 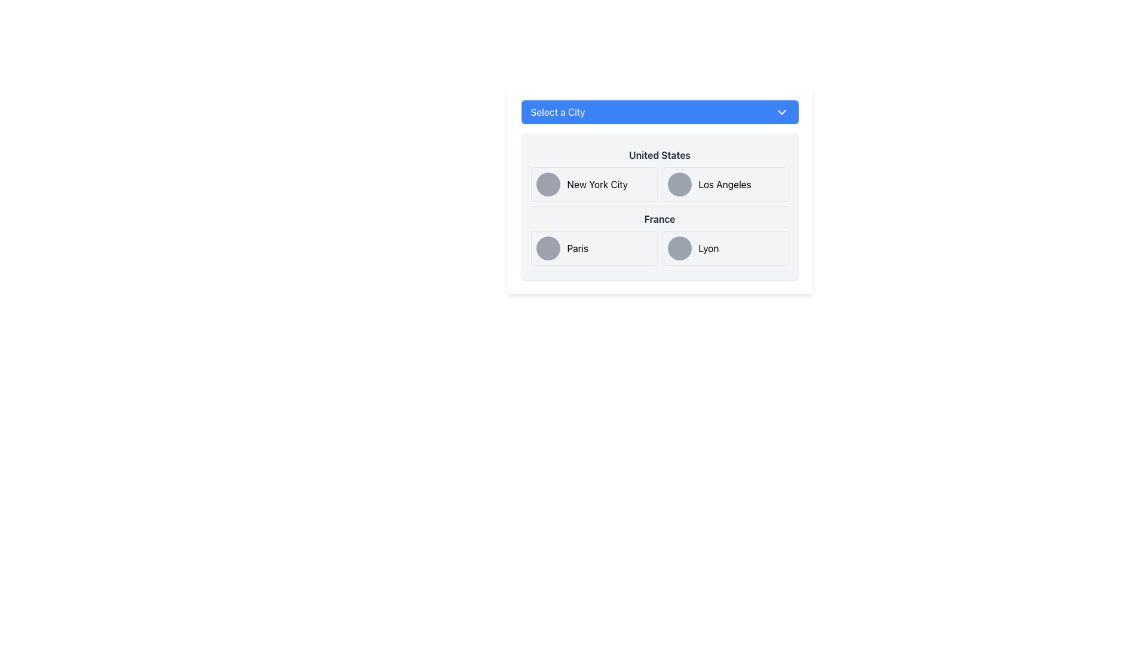 What do you see at coordinates (578, 248) in the screenshot?
I see `the text label that says 'Paris'` at bounding box center [578, 248].